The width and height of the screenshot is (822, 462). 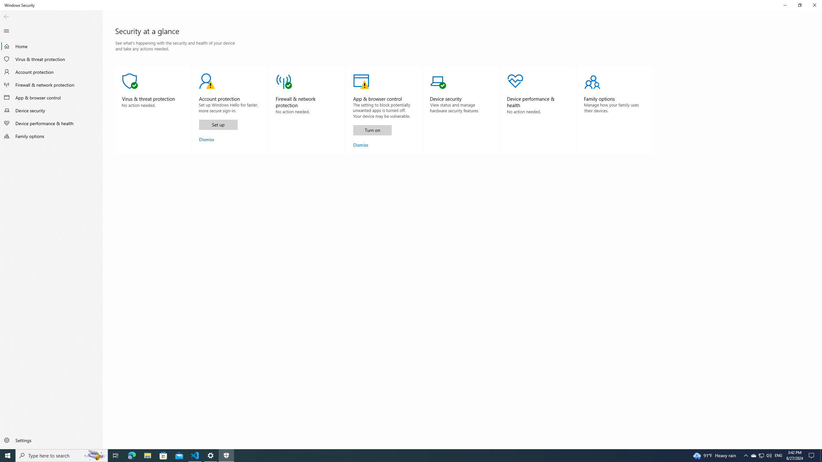 I want to click on 'Firewall & network protectionNo action needed.', so click(x=307, y=110).